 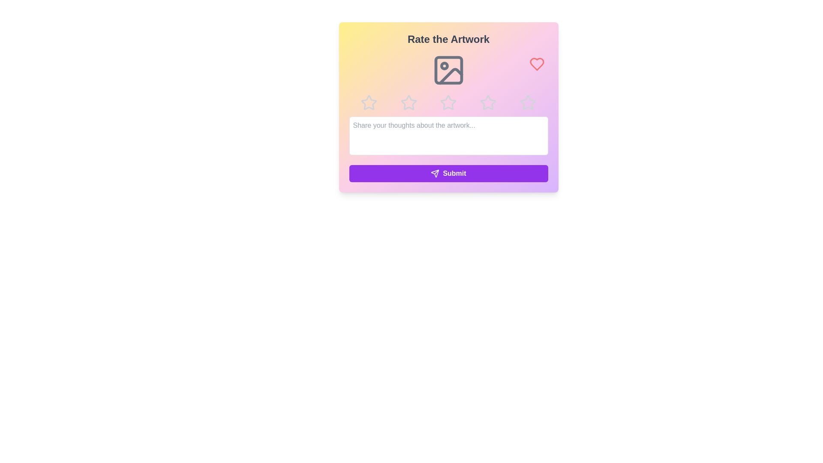 What do you see at coordinates (448, 174) in the screenshot?
I see `the submit button to submit the rating and feedback` at bounding box center [448, 174].